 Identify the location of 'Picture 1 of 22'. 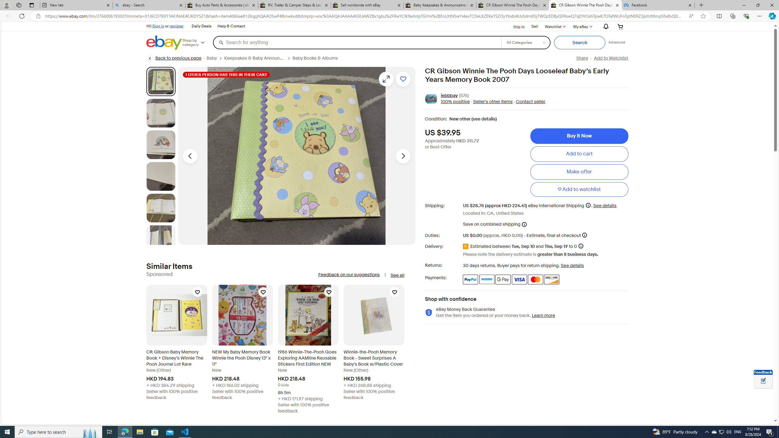
(160, 81).